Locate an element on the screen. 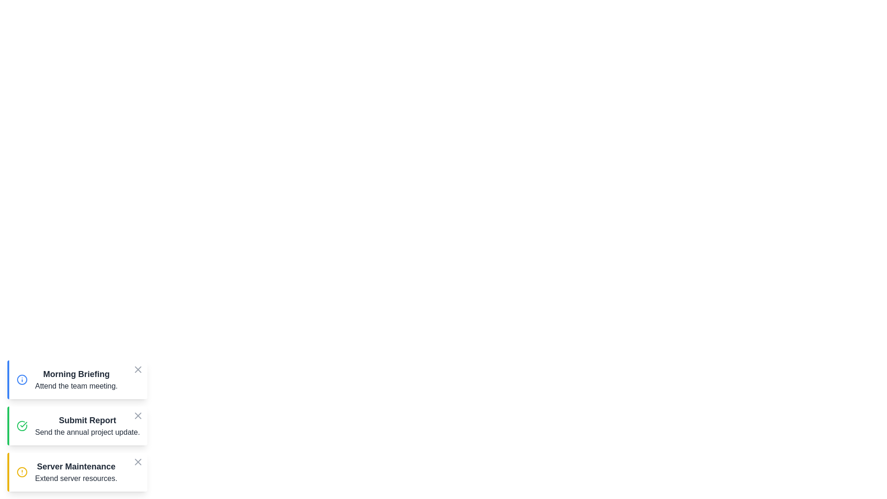 The image size is (887, 499). the interactive 'X' icon button located in the second item of the list, right of the 'Submit Report' title is located at coordinates (137, 415).